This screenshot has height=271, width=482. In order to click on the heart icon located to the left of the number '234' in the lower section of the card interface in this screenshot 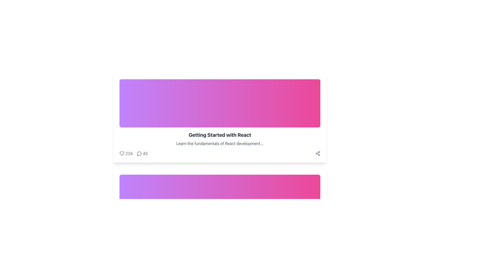, I will do `click(122, 153)`.